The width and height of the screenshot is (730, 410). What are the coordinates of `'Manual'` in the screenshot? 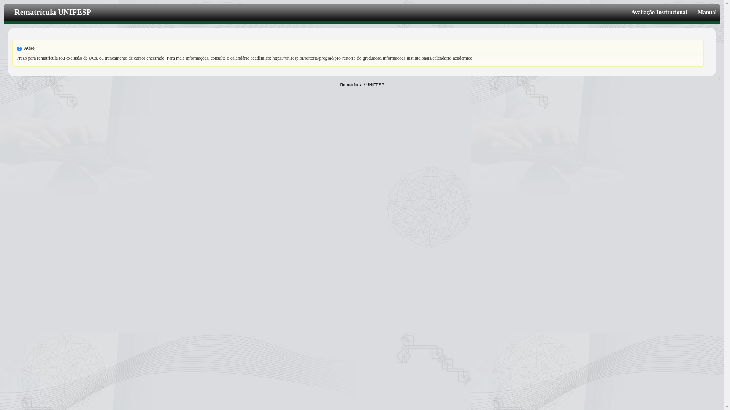 It's located at (704, 12).